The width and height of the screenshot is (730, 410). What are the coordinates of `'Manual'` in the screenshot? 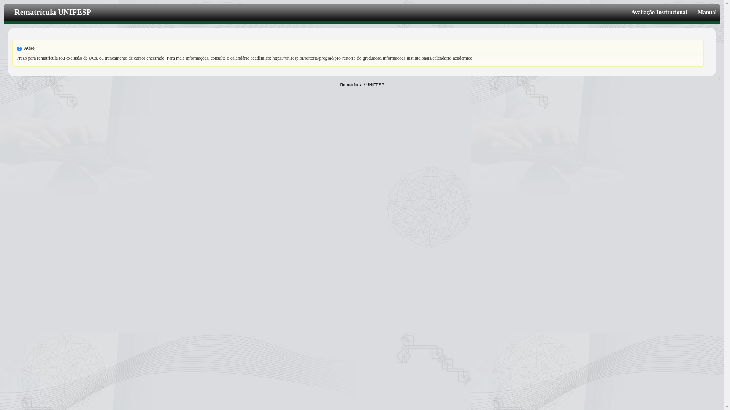 It's located at (704, 12).